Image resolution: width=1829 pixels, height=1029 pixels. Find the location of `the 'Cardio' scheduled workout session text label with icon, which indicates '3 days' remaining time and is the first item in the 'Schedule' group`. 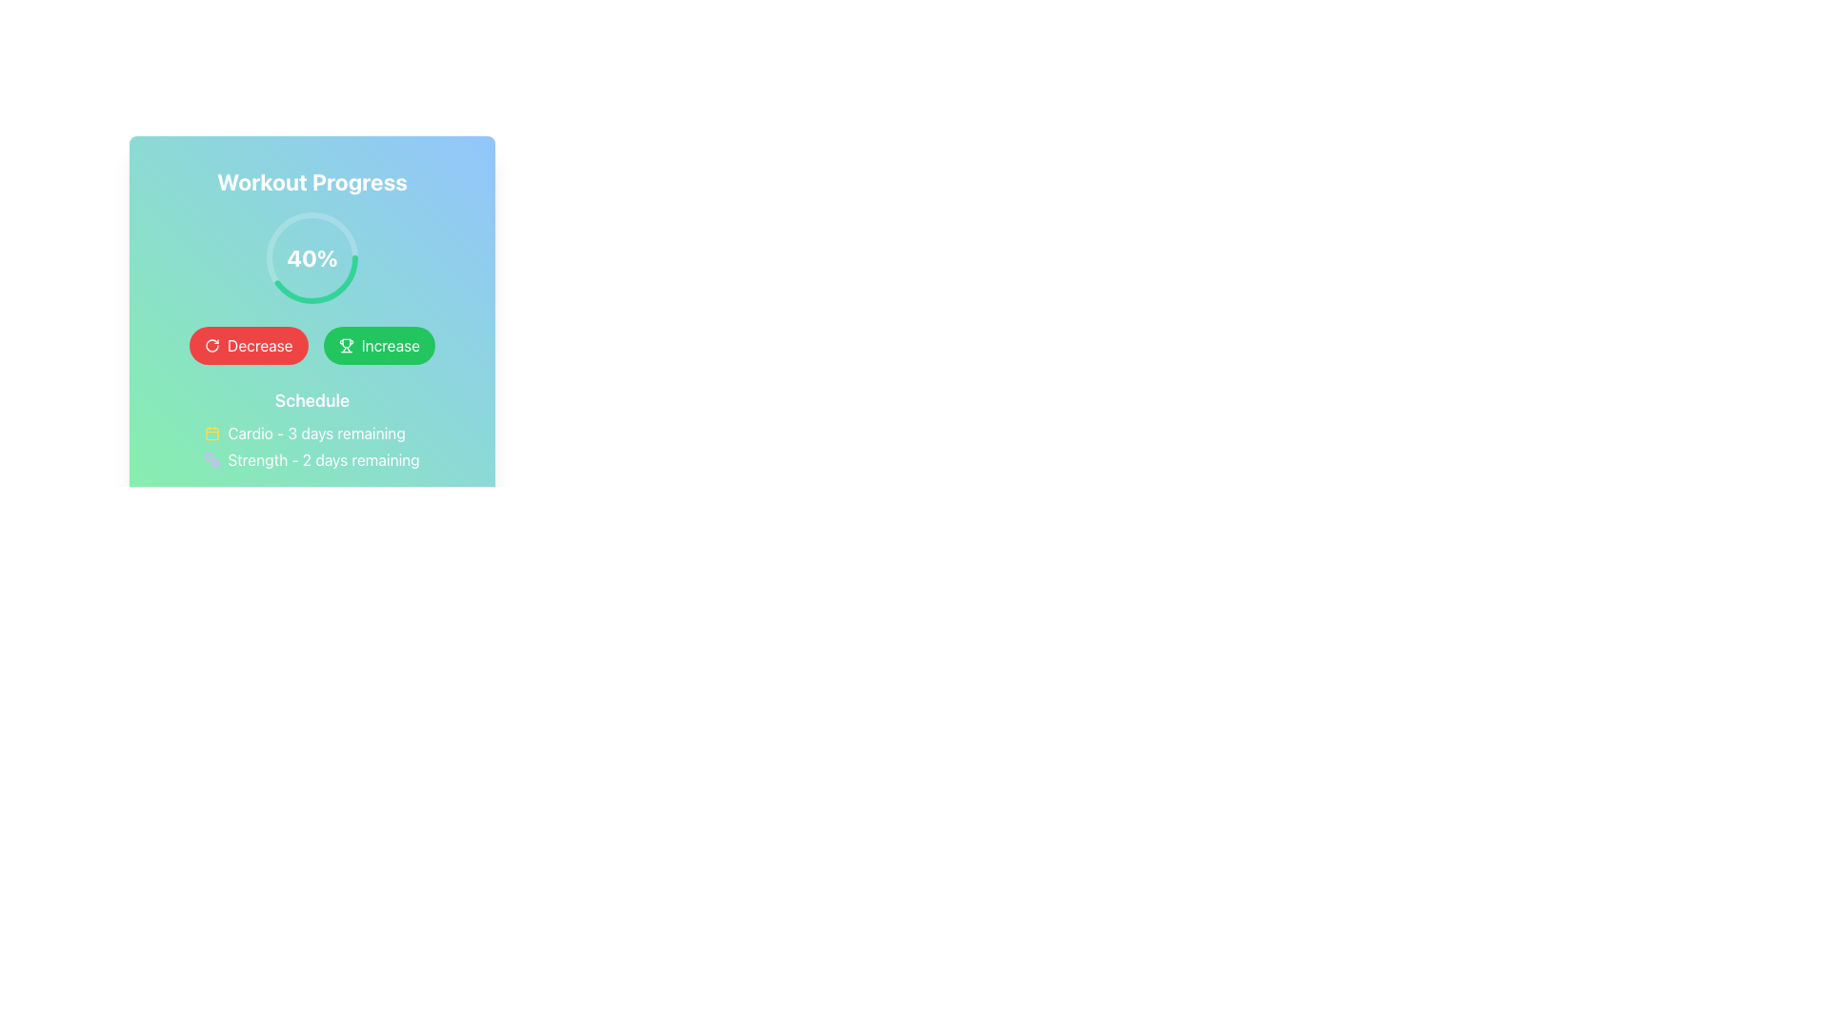

the 'Cardio' scheduled workout session text label with icon, which indicates '3 days' remaining time and is the first item in the 'Schedule' group is located at coordinates (312, 434).